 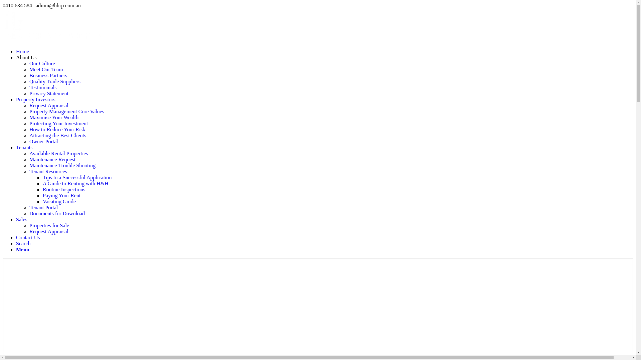 What do you see at coordinates (26, 57) in the screenshot?
I see `'About Us'` at bounding box center [26, 57].